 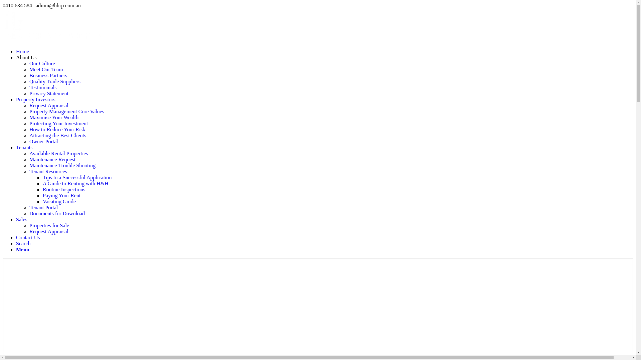 What do you see at coordinates (26, 57) in the screenshot?
I see `'About Us'` at bounding box center [26, 57].